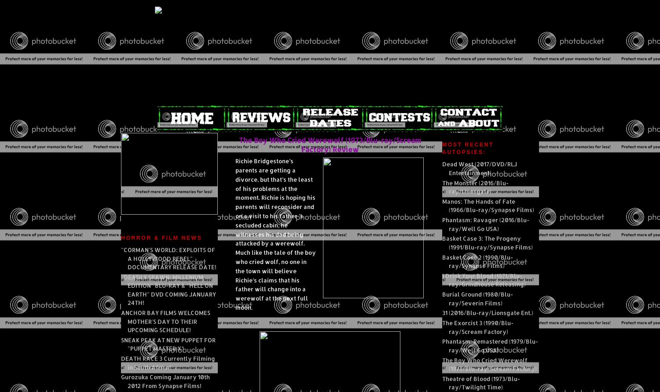 The height and width of the screenshot is (392, 660). What do you see at coordinates (169, 258) in the screenshot?
I see `'"CORMAN'S WORLD: EXPLOITS OF A HOLLYWOOD REBEL" DOCUMENTARY RELEASE DATE!'` at bounding box center [169, 258].